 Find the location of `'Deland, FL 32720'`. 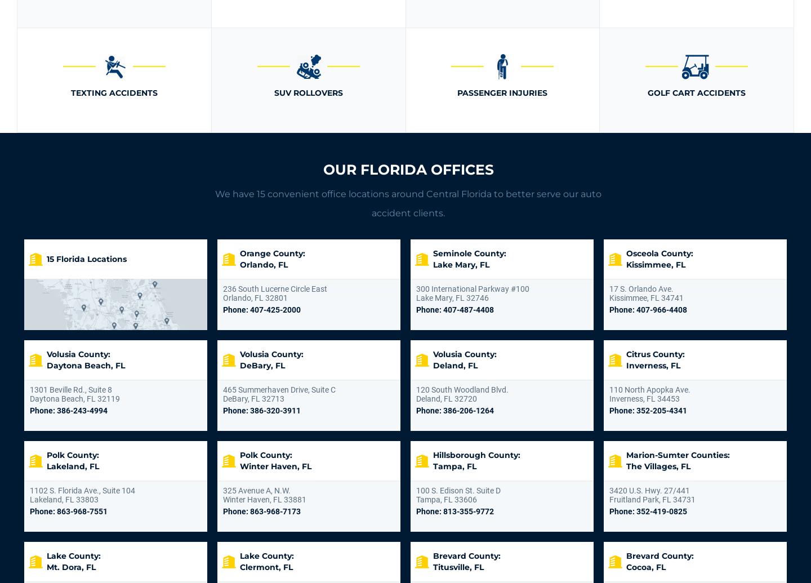

'Deland, FL 32720' is located at coordinates (416, 398).